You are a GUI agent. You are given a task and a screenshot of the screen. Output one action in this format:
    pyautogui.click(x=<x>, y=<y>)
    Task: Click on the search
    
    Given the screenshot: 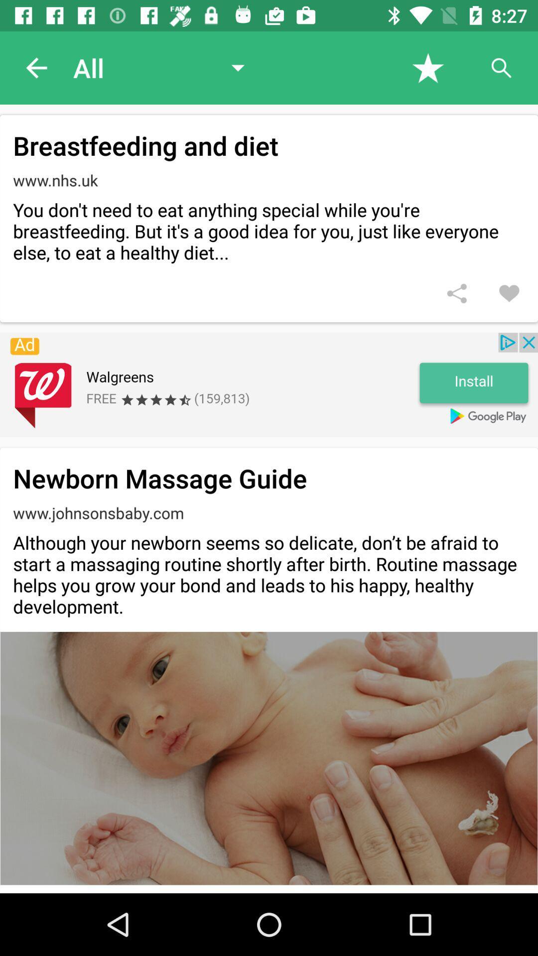 What is the action you would take?
    pyautogui.click(x=501, y=67)
    